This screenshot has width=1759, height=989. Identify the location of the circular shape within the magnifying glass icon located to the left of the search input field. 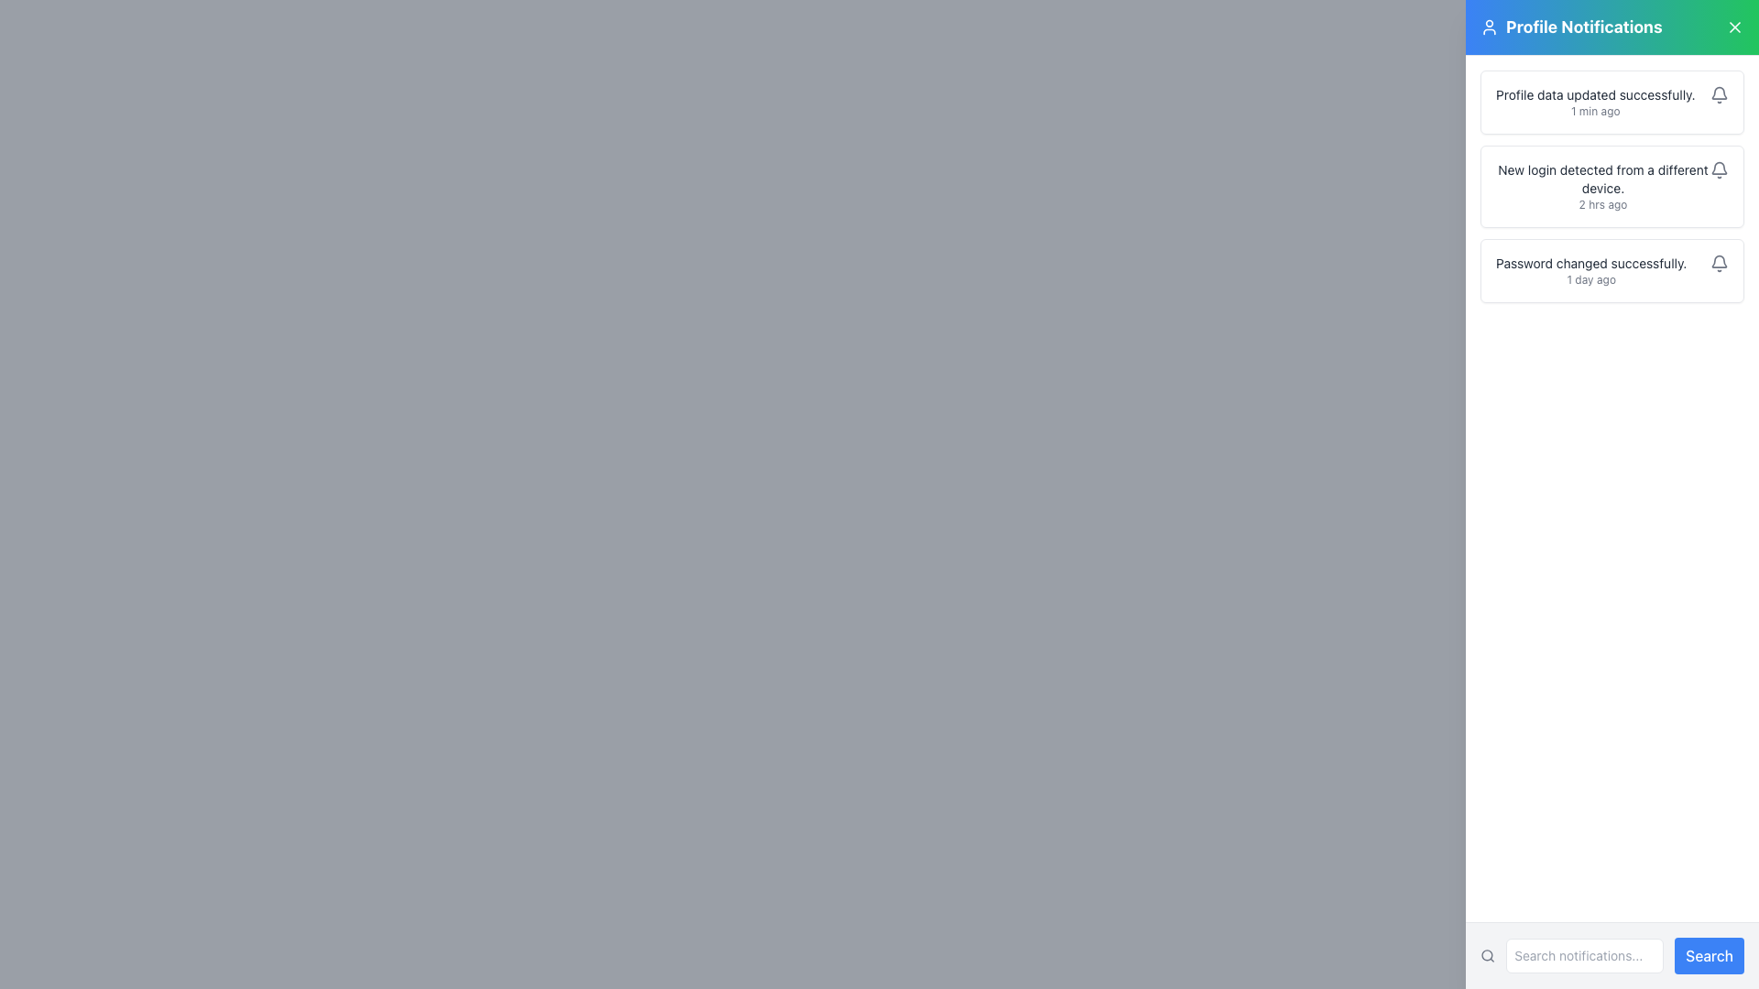
(1487, 954).